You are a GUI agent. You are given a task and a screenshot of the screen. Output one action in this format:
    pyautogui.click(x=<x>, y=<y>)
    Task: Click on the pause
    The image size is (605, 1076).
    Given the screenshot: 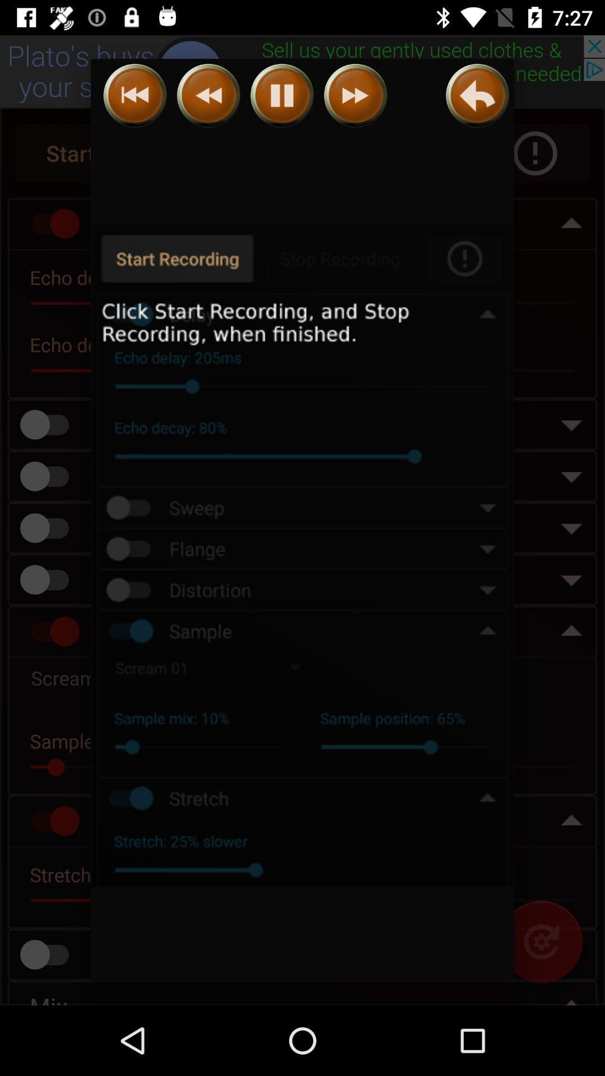 What is the action you would take?
    pyautogui.click(x=281, y=95)
    